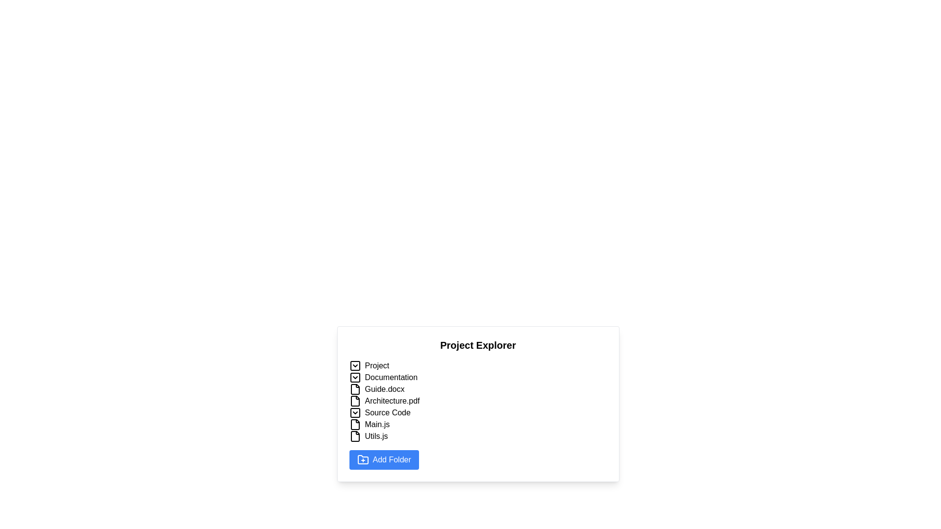 The width and height of the screenshot is (941, 529). I want to click on the toggle icon button to the left of the 'Project' label in the 'Project Explorer' section, so click(354, 366).